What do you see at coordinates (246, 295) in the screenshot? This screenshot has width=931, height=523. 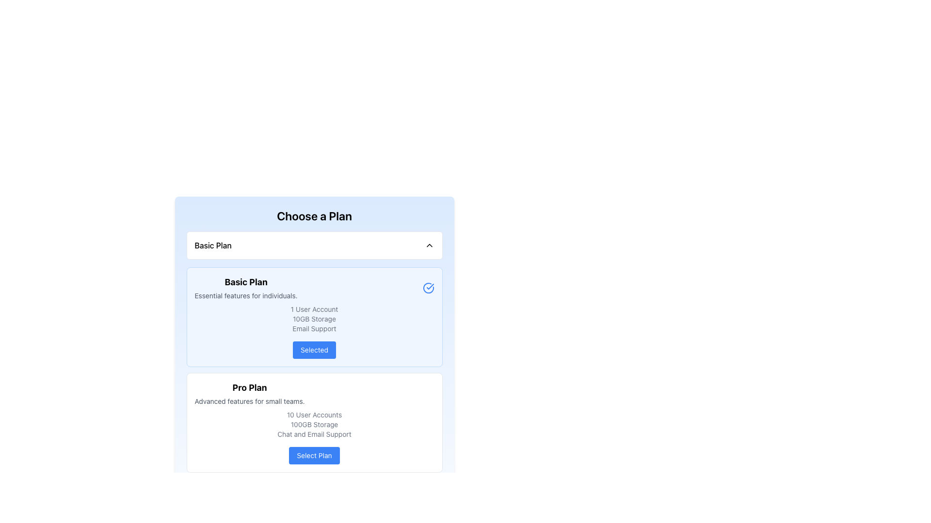 I see `the text label displaying 'Essential features for individuals.' which is located below the title 'Basic Plan.'` at bounding box center [246, 295].